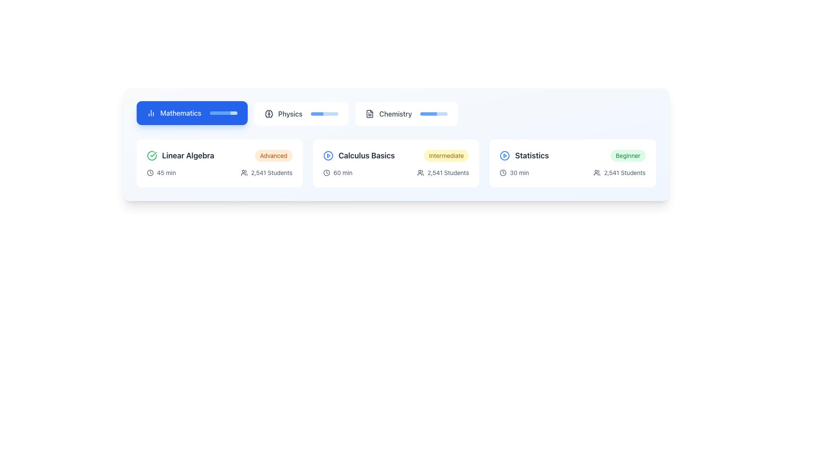 The height and width of the screenshot is (461, 820). What do you see at coordinates (446, 156) in the screenshot?
I see `the yellow tag labeled 'Intermediate' located to the right of the 'Calculus Basics' title within its card` at bounding box center [446, 156].